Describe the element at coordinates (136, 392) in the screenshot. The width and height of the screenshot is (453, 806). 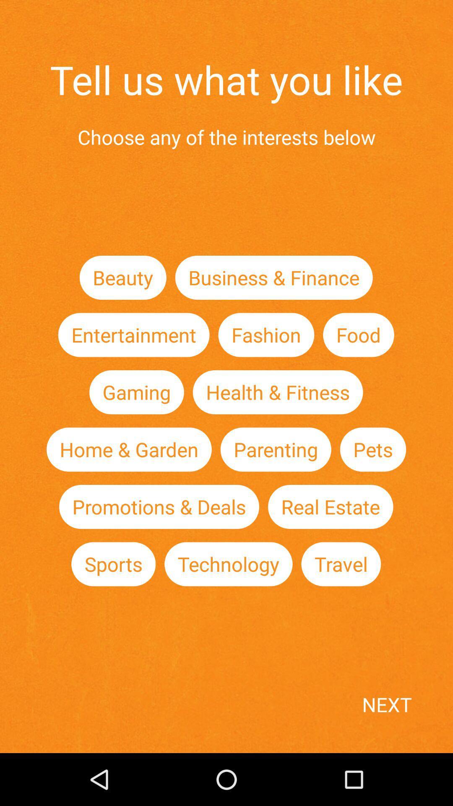
I see `icon below the entertainment item` at that location.